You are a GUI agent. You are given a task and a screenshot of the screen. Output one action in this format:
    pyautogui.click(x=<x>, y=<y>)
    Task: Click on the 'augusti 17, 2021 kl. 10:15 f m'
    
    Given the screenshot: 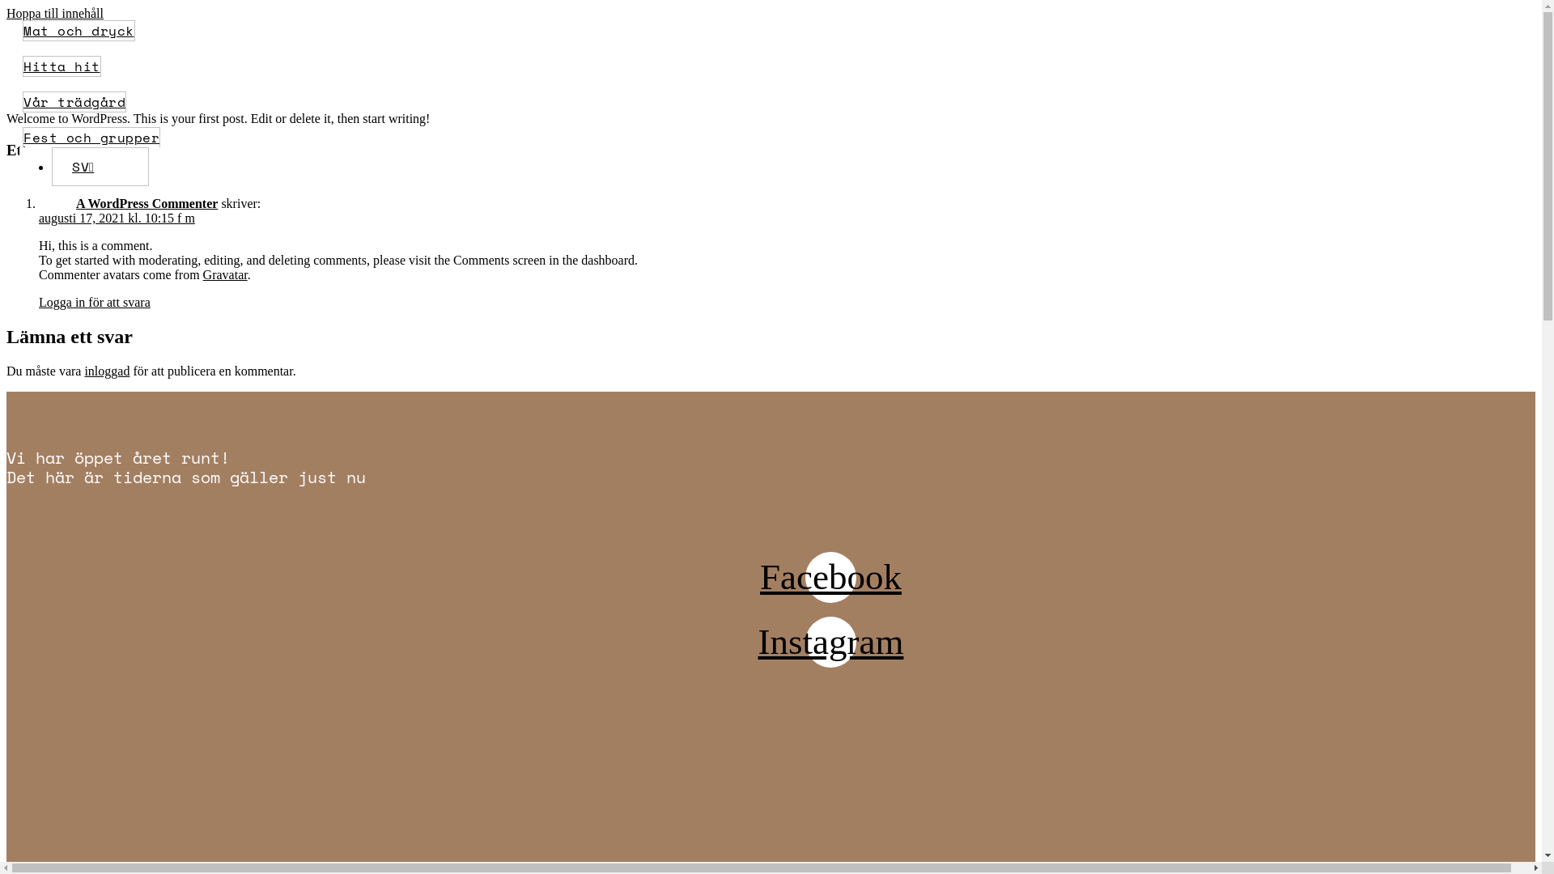 What is the action you would take?
    pyautogui.click(x=116, y=217)
    